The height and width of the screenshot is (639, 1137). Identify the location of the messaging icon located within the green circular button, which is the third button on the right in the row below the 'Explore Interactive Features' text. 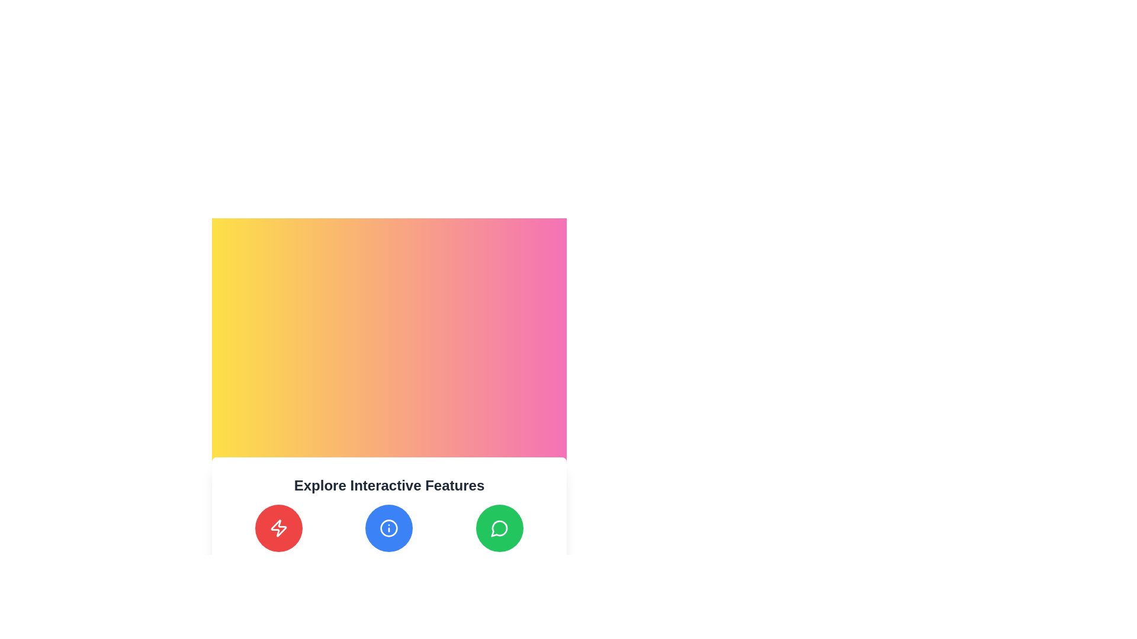
(499, 528).